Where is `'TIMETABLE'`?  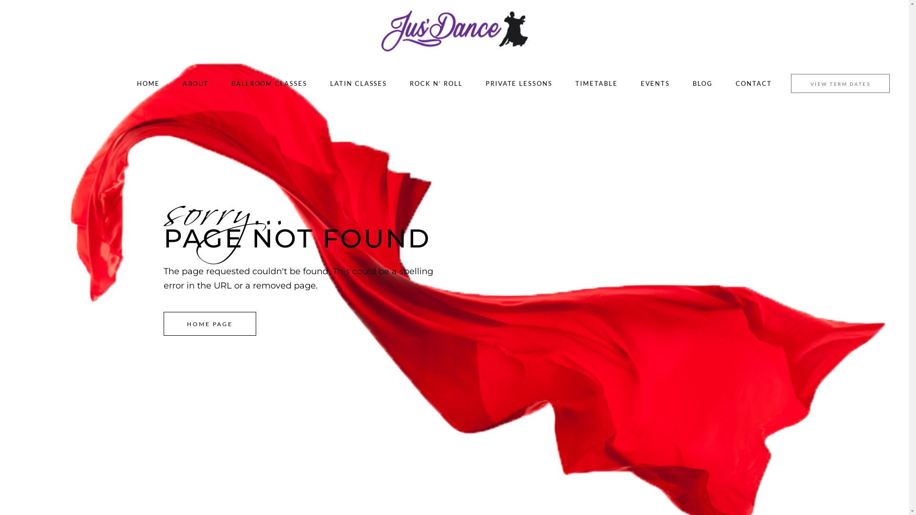
'TIMETABLE' is located at coordinates (596, 82).